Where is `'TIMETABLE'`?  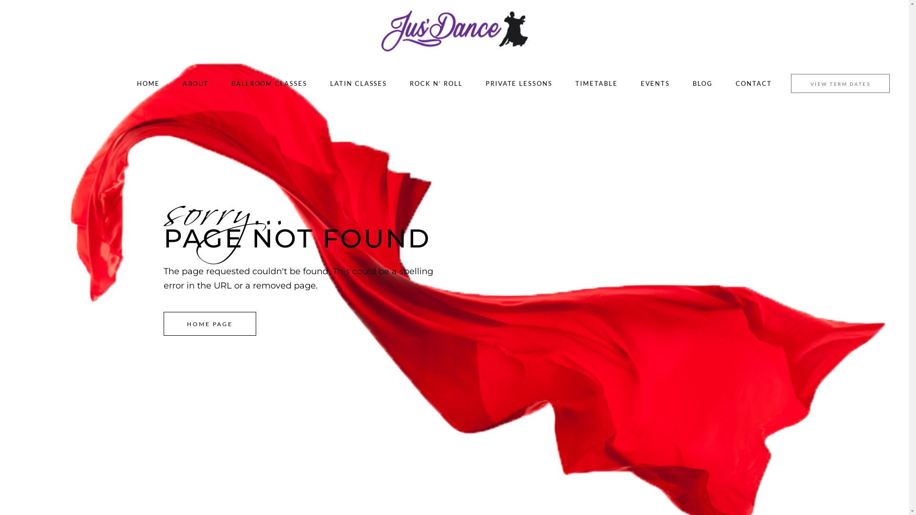
'TIMETABLE' is located at coordinates (596, 82).